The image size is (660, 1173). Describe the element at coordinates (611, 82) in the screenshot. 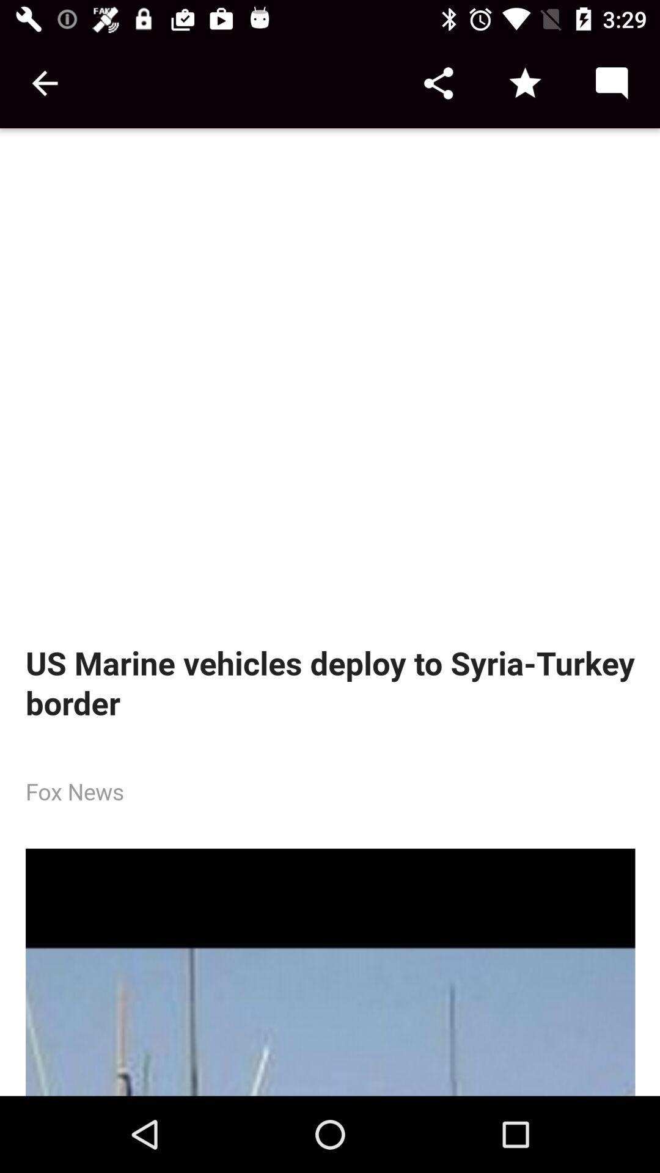

I see `send message` at that location.